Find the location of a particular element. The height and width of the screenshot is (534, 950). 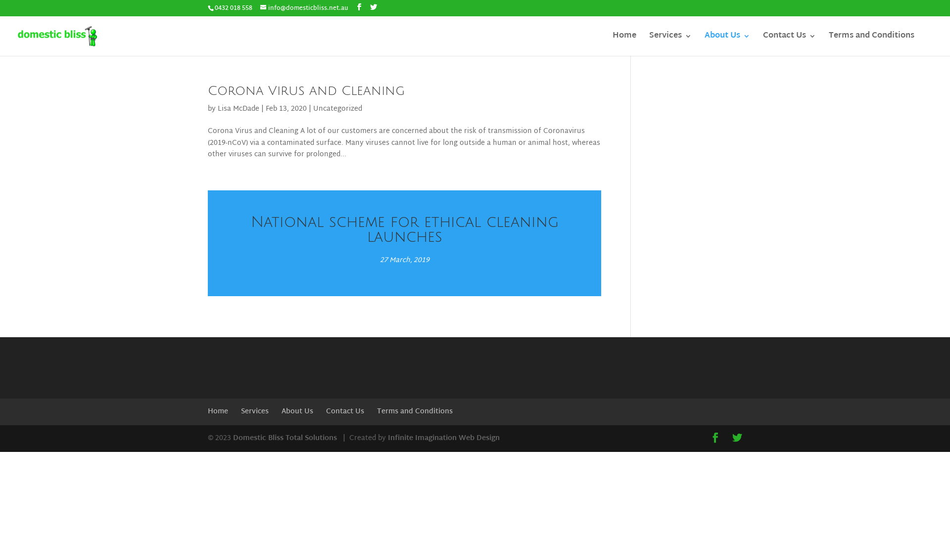

'Corona Virus and Cleaning' is located at coordinates (306, 91).